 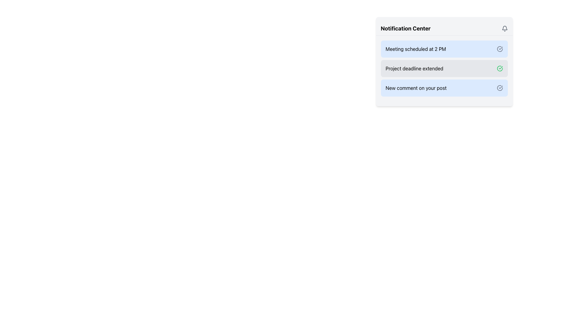 What do you see at coordinates (444, 49) in the screenshot?
I see `the Notification card that informs about a scheduled meeting at 2 PM` at bounding box center [444, 49].